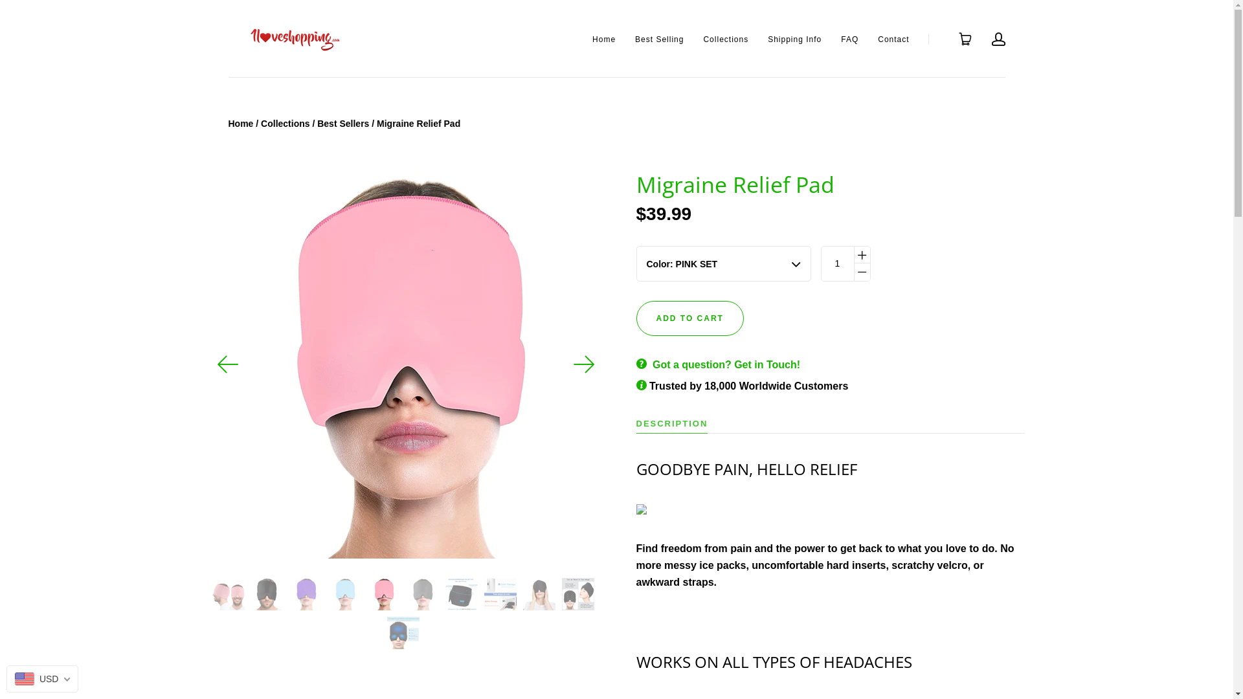 The width and height of the screenshot is (1243, 699). Describe the element at coordinates (342, 124) in the screenshot. I see `'Best Sellers'` at that location.